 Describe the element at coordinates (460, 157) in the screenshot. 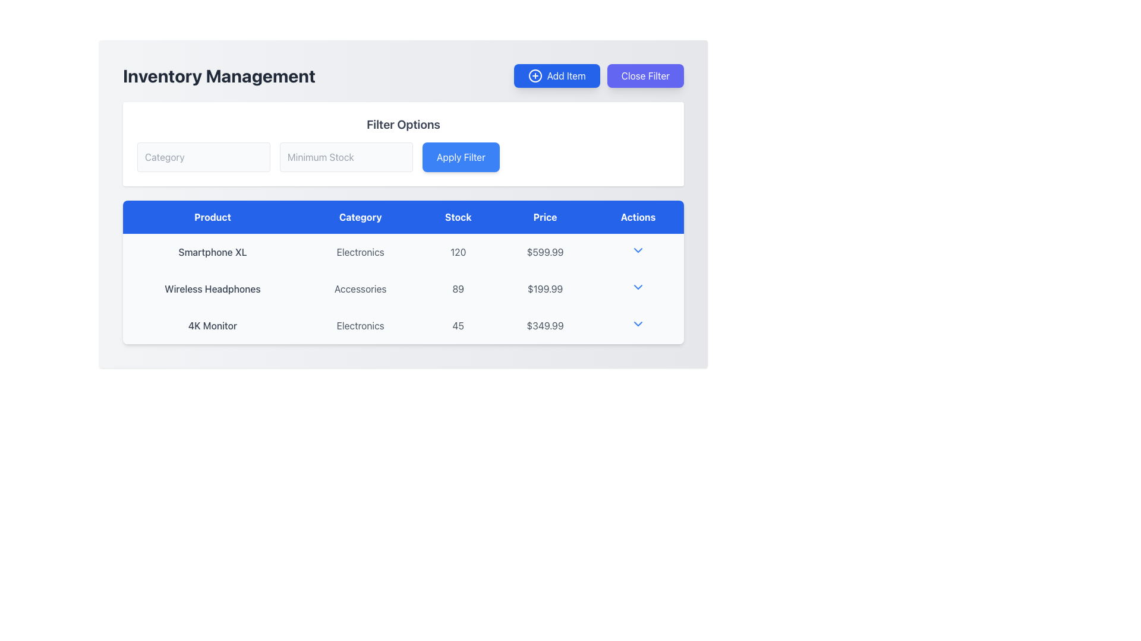

I see `the button located at the top center of the interface, aligned to the right of the 'Category' and 'Minimum Stock' text input fields, to apply the selected filters to the displayed data` at that location.